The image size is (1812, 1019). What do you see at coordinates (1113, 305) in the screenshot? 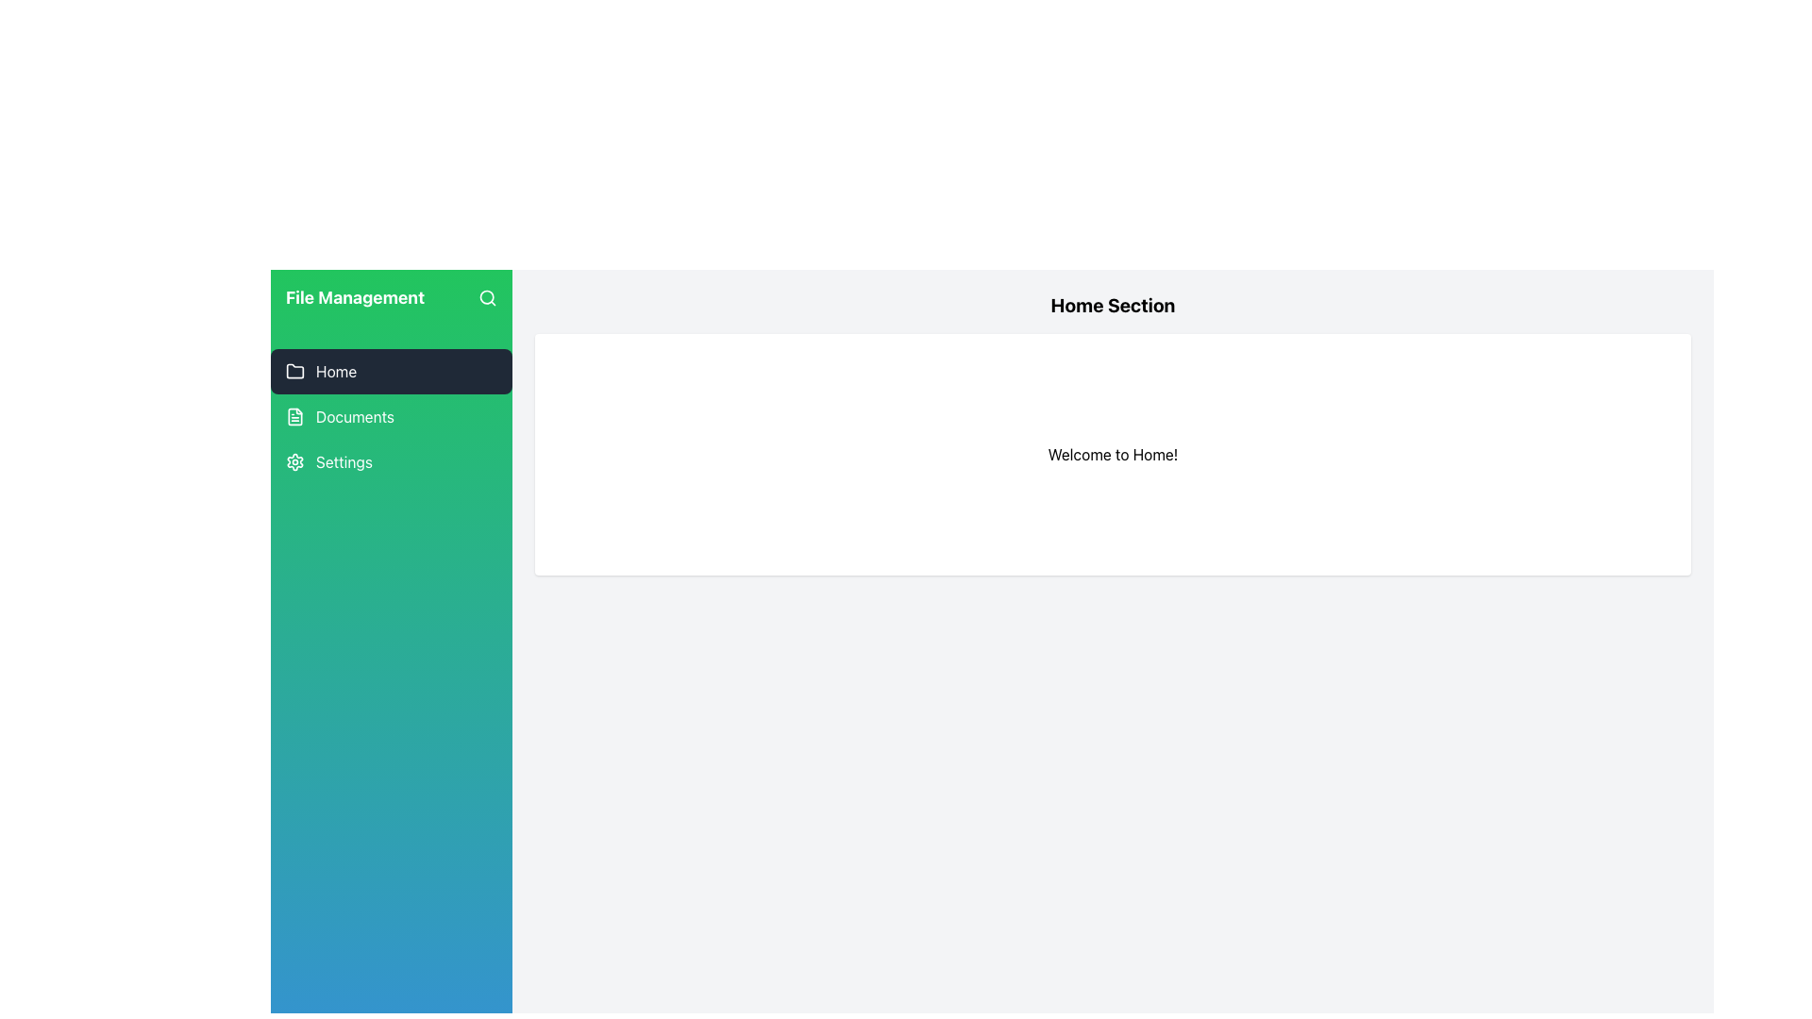
I see `the heading that serves as the title for the current section, located at the top of the central content area, above the text 'Welcome to Home!'` at bounding box center [1113, 305].